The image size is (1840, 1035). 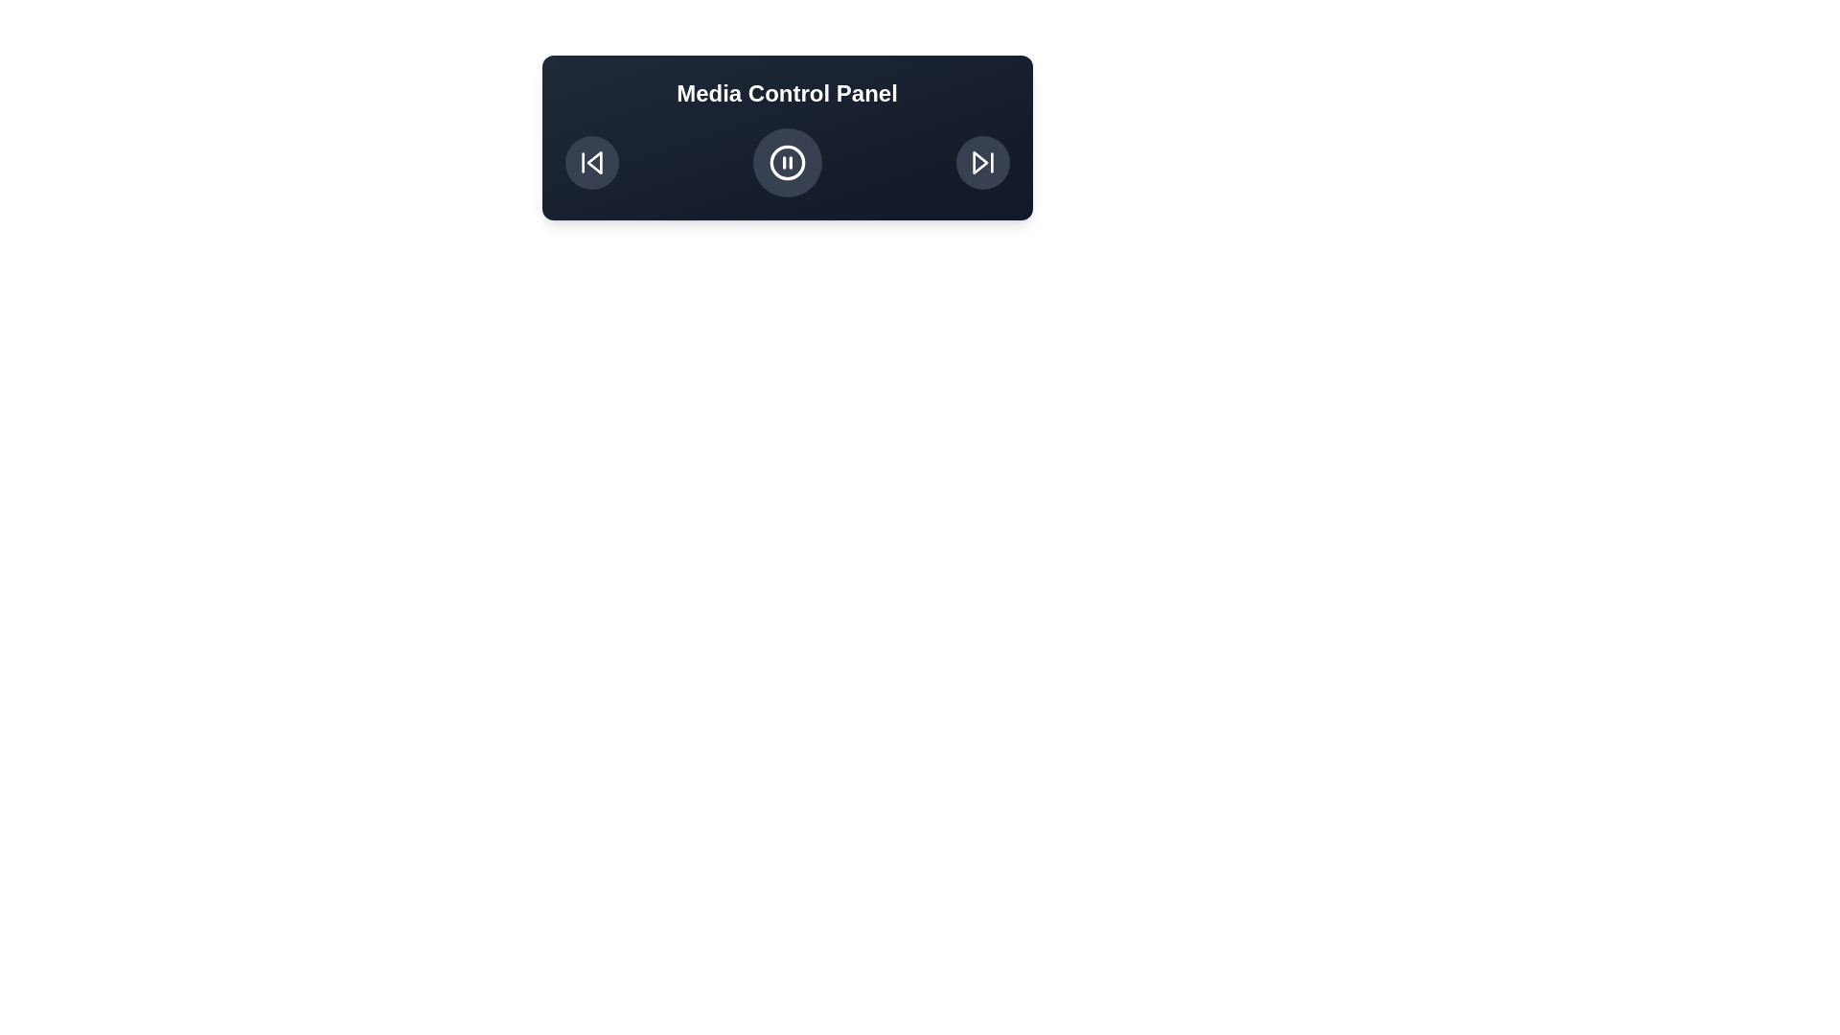 I want to click on the 'Previous Track' button located in the control panel, so click(x=590, y=161).